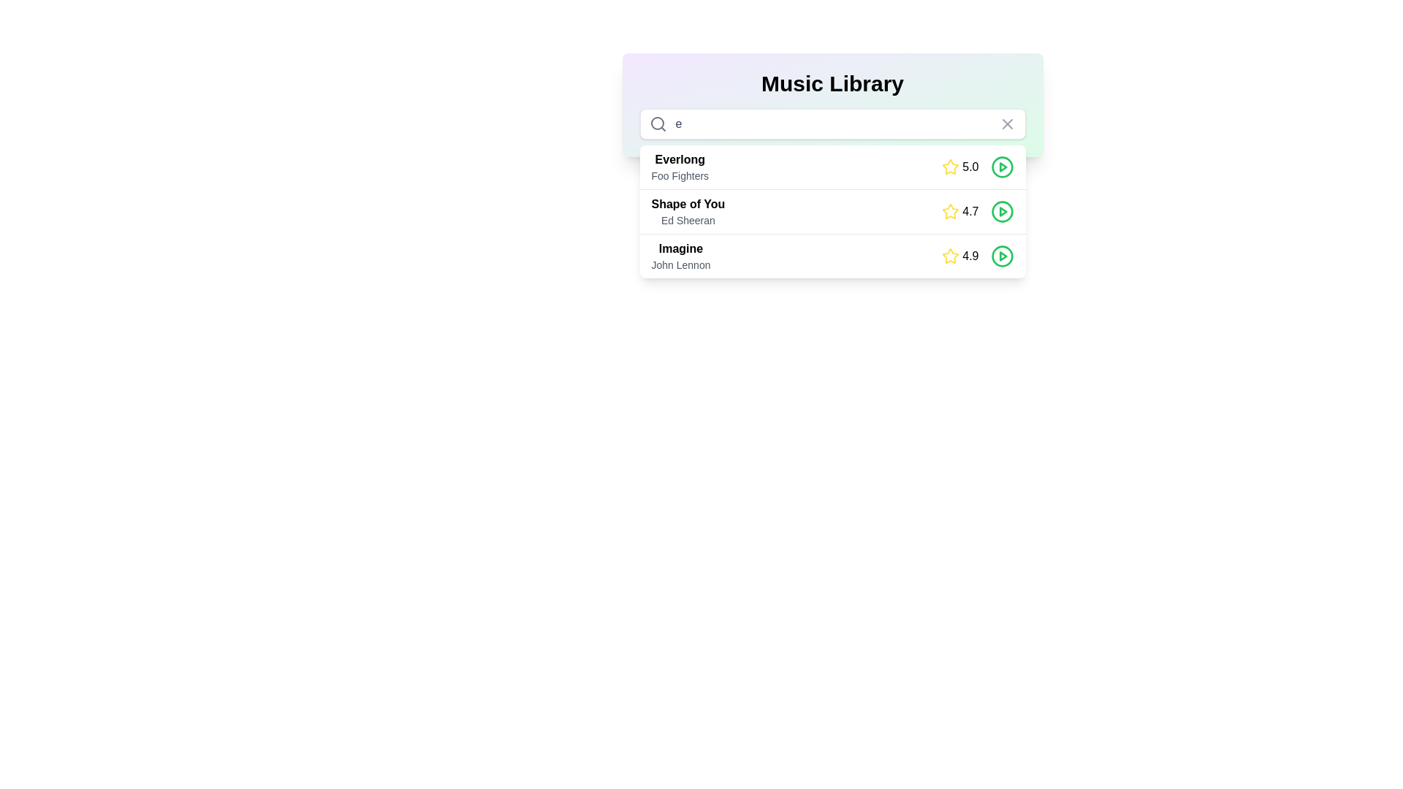 The width and height of the screenshot is (1403, 789). What do you see at coordinates (1001, 211) in the screenshot?
I see `the circular play button SVG component located to the far right of the 'Shape of You' song entry, adjacent to the song's rating` at bounding box center [1001, 211].